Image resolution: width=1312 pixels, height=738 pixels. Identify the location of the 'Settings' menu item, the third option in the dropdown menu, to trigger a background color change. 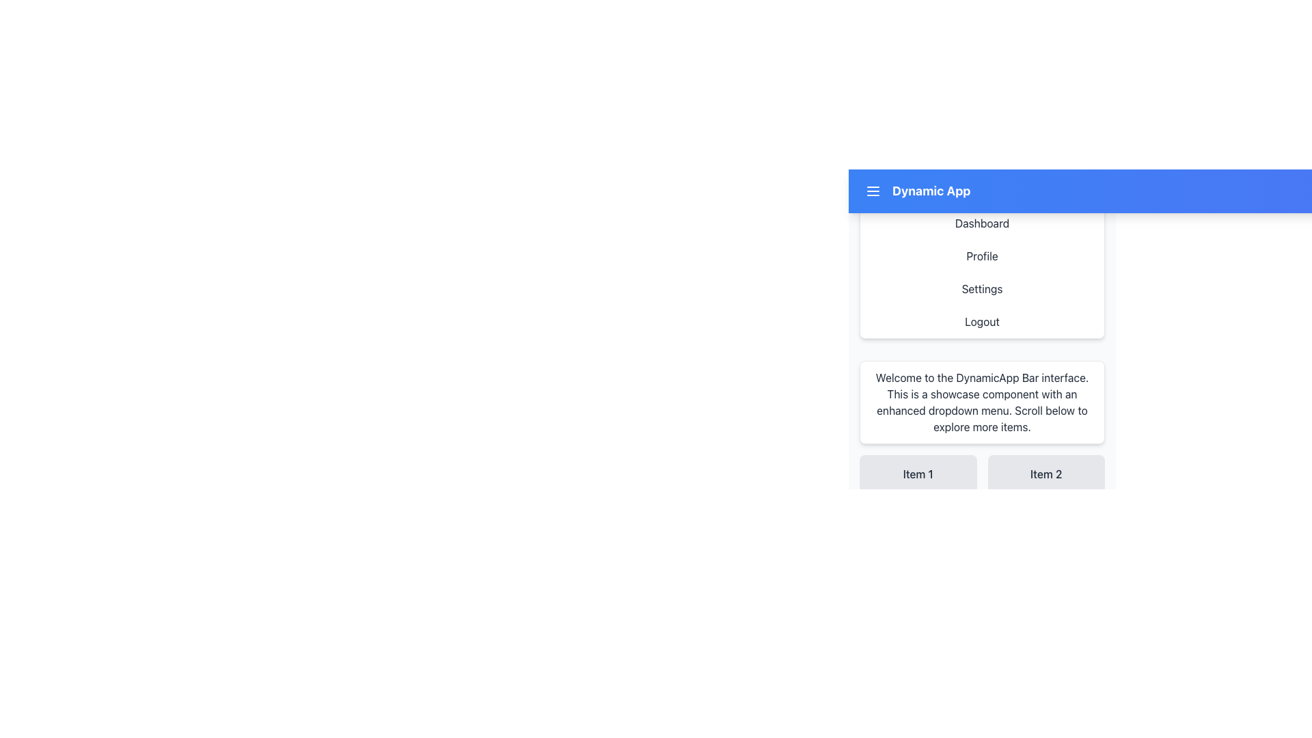
(981, 288).